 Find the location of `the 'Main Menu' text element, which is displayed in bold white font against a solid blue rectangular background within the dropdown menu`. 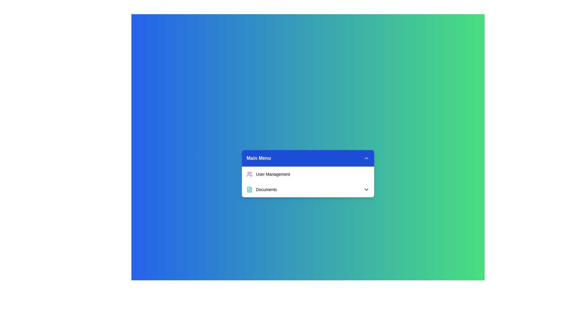

the 'Main Menu' text element, which is displayed in bold white font against a solid blue rectangular background within the dropdown menu is located at coordinates (259, 158).